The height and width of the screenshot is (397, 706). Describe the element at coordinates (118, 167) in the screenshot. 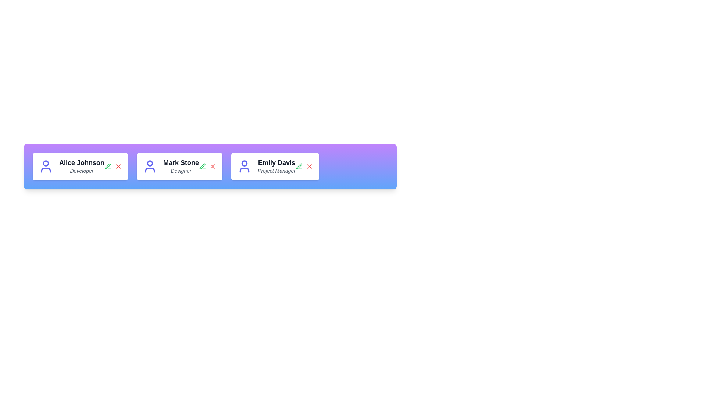

I see `the delete button of the profile card corresponding to Alice Johnson` at that location.